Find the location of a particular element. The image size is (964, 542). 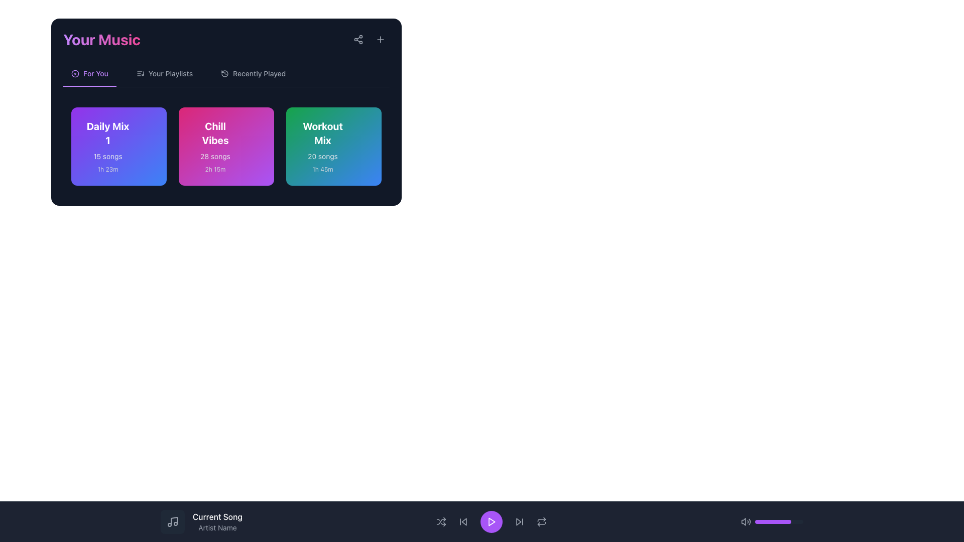

the share icon represented by three circles connected via lines, located in the top-right corner of the Your Music section is located at coordinates (358, 39).